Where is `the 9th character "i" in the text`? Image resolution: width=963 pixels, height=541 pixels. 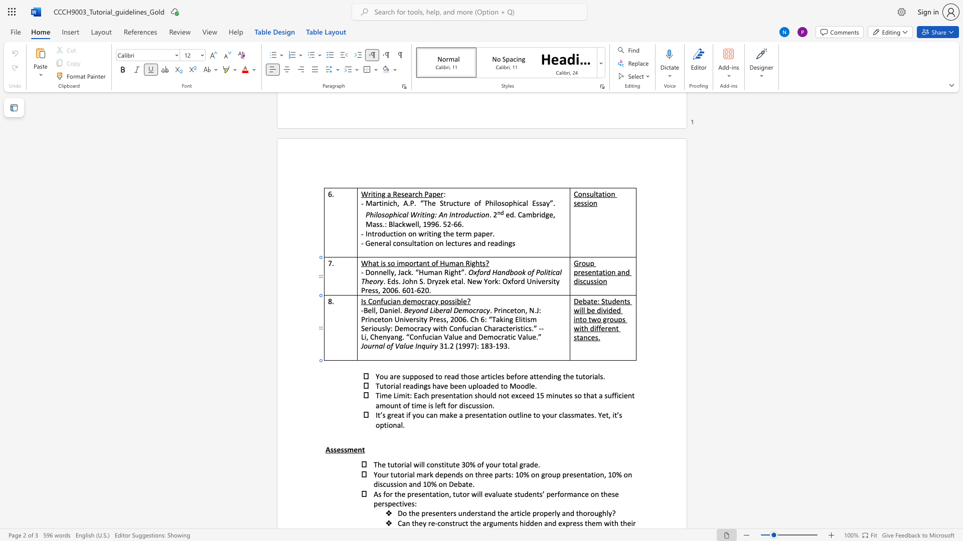
the 9th character "i" in the text is located at coordinates (429, 405).